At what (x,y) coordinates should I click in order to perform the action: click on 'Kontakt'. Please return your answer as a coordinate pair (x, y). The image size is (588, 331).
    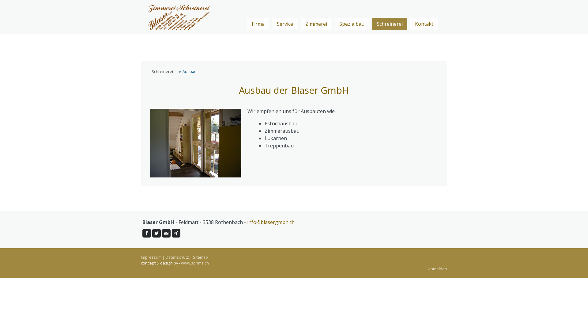
    Looking at the image, I should click on (424, 23).